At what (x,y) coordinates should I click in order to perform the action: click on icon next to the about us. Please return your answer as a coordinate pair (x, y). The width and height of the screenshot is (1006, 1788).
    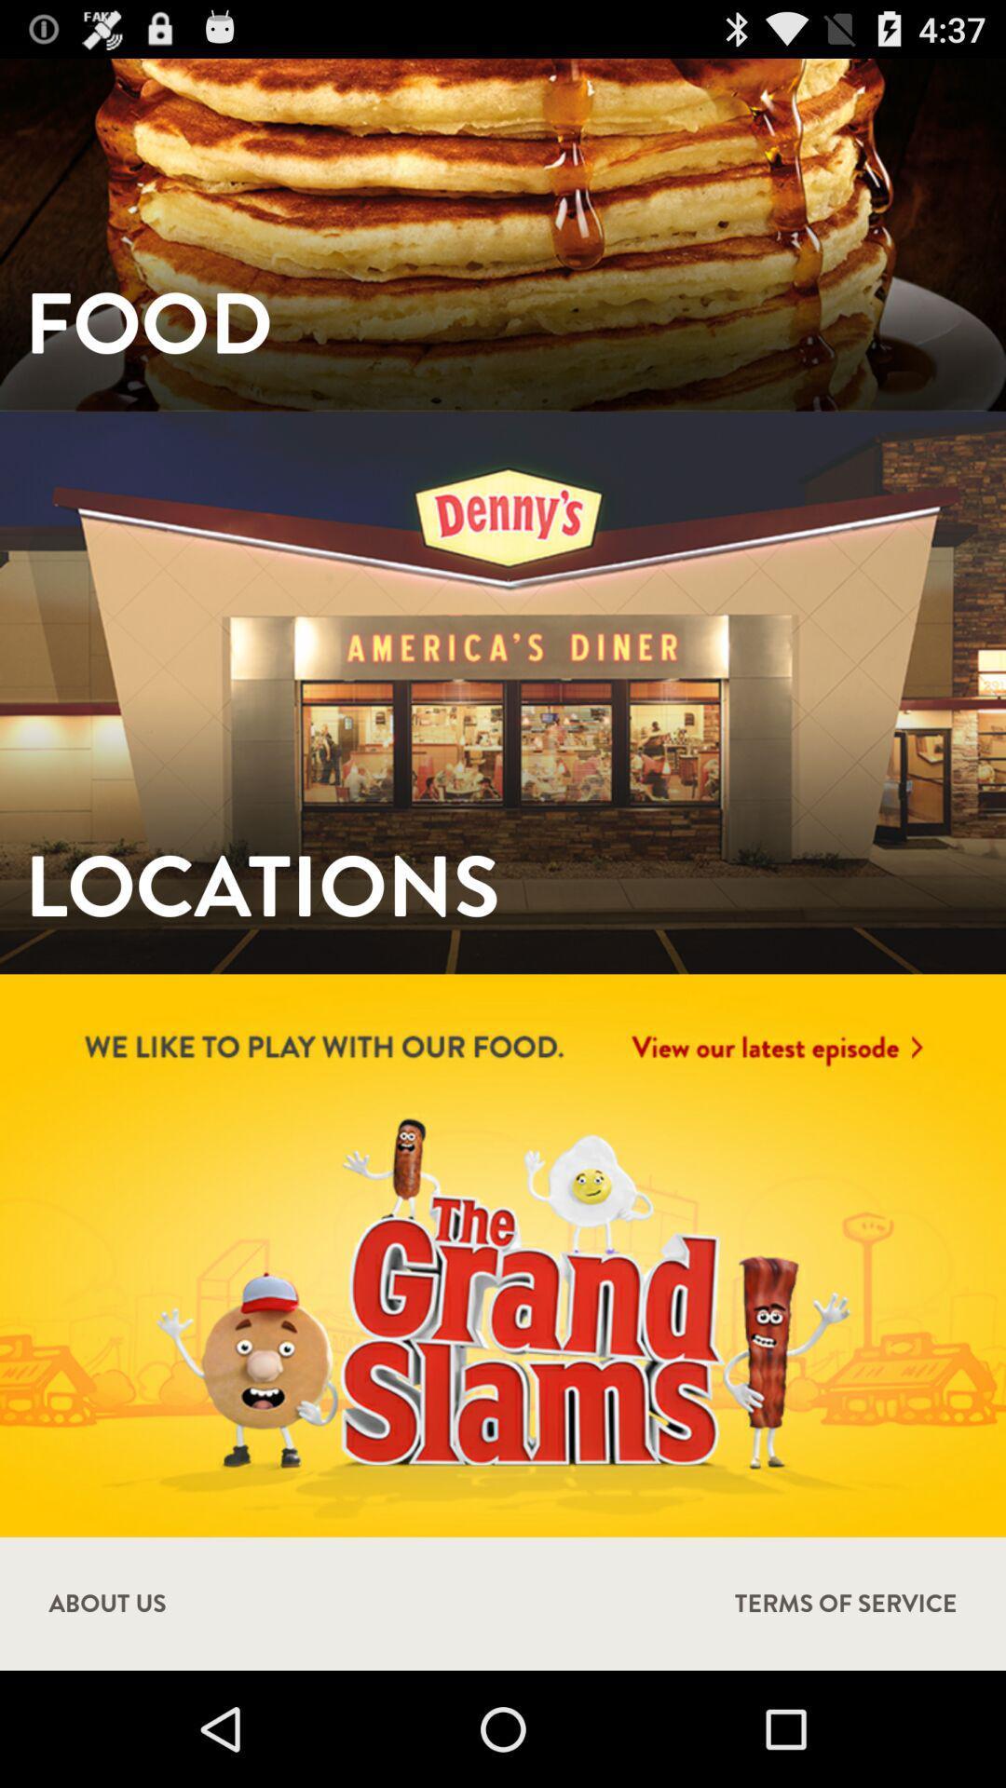
    Looking at the image, I should click on (846, 1603).